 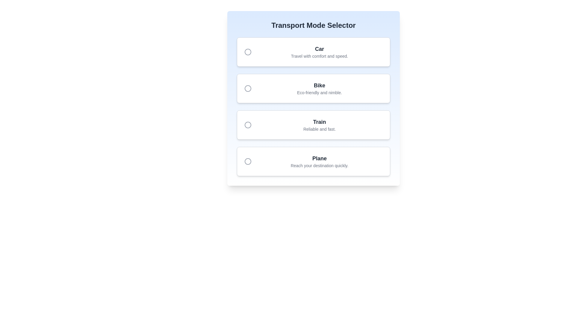 What do you see at coordinates (319, 92) in the screenshot?
I see `the descriptive label text located directly below the header text 'Bike' in the second option block of the 'Transport Mode Selector' interface` at bounding box center [319, 92].